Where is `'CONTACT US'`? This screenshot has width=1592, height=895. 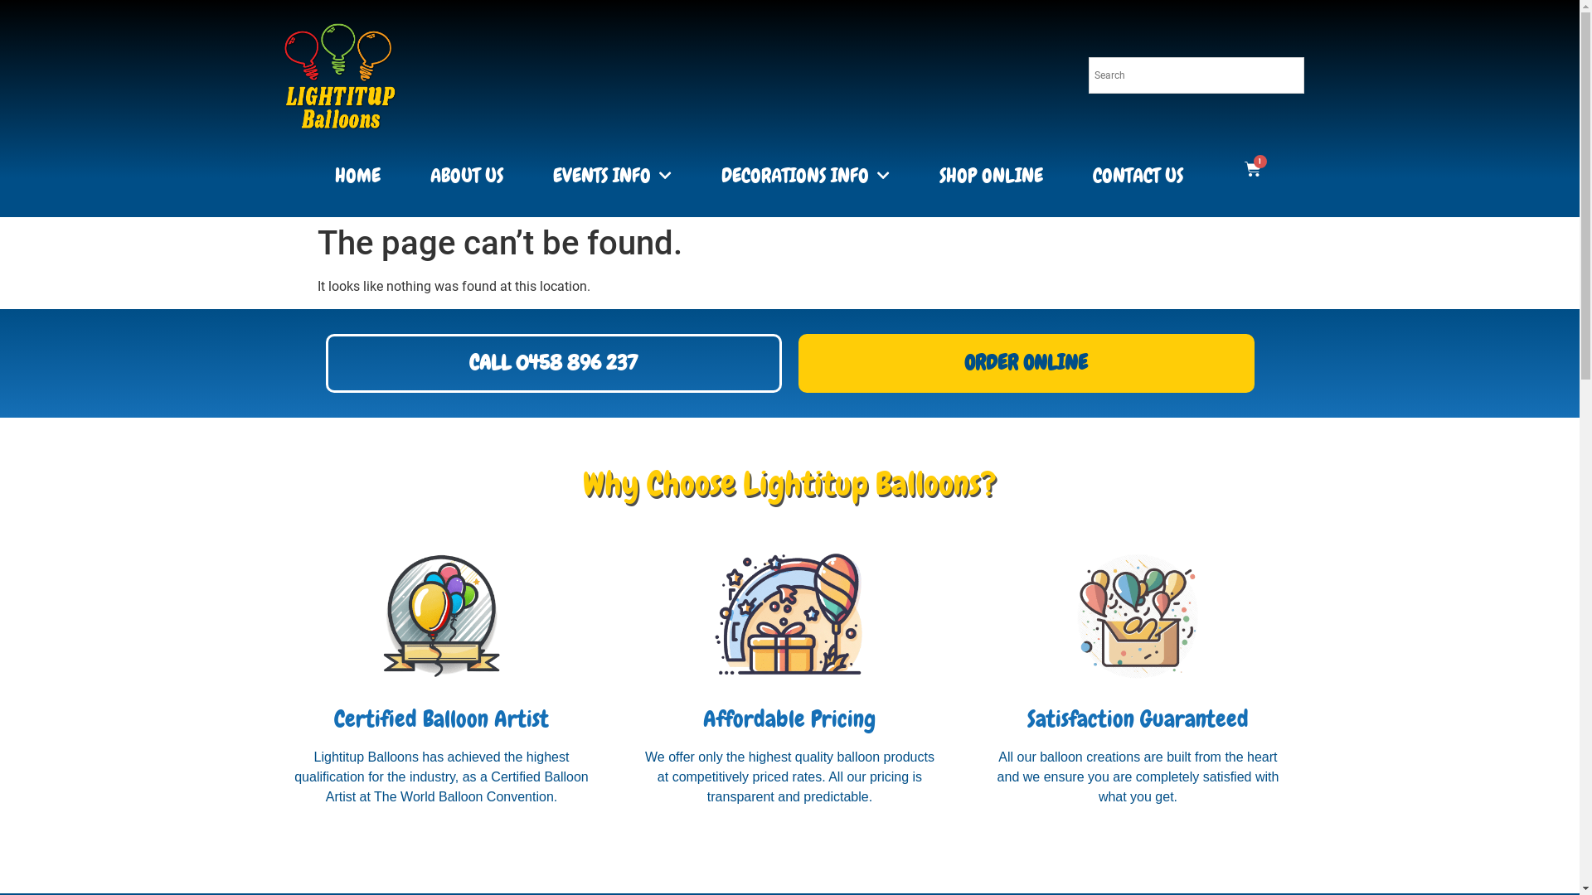
'CONTACT US' is located at coordinates (1137, 176).